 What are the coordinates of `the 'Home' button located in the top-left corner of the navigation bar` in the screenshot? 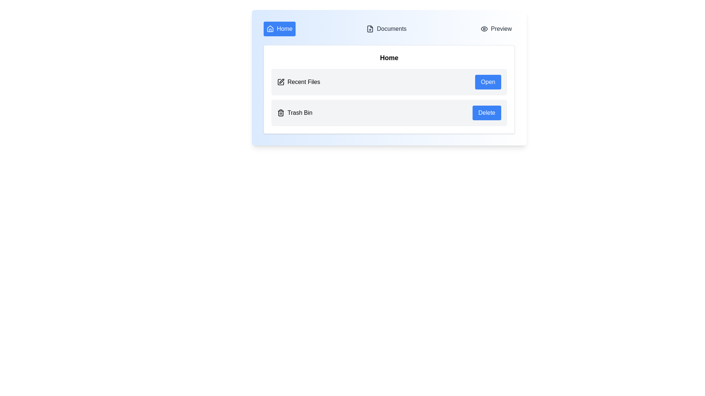 It's located at (279, 28).